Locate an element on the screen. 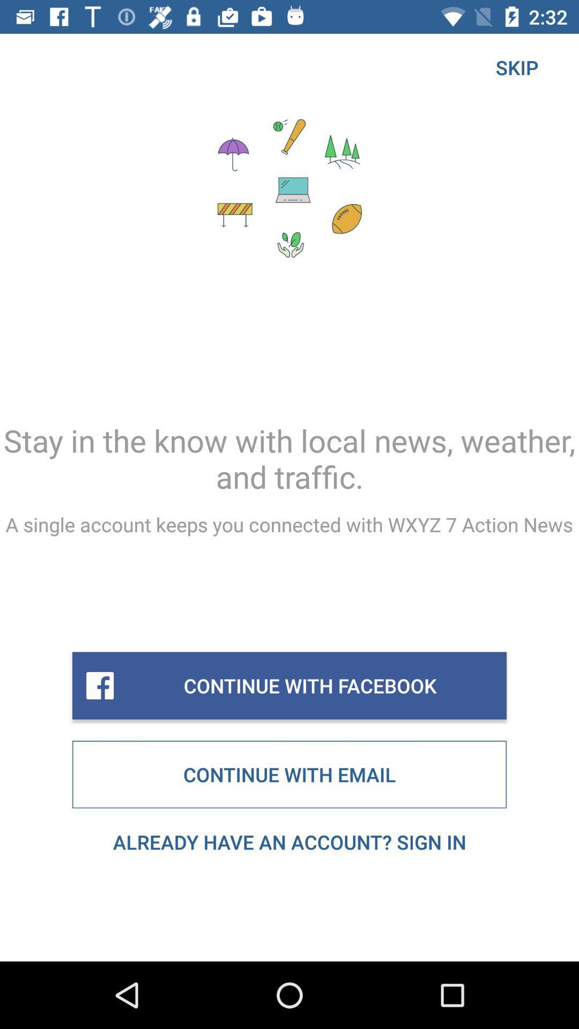 Image resolution: width=579 pixels, height=1029 pixels. the already have an item is located at coordinates (289, 841).